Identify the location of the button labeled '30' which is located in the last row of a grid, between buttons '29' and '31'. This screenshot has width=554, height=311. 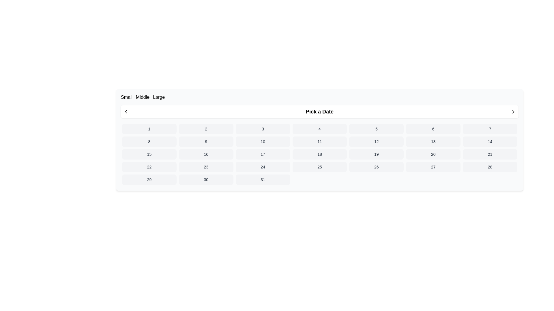
(206, 179).